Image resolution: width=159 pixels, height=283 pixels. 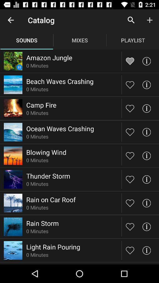 What do you see at coordinates (130, 61) in the screenshot?
I see `unfavorite song` at bounding box center [130, 61].